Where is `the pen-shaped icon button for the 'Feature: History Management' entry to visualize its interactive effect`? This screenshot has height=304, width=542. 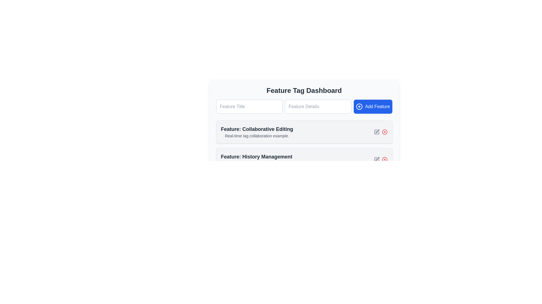
the pen-shaped icon button for the 'Feature: History Management' entry to visualize its interactive effect is located at coordinates (377, 160).